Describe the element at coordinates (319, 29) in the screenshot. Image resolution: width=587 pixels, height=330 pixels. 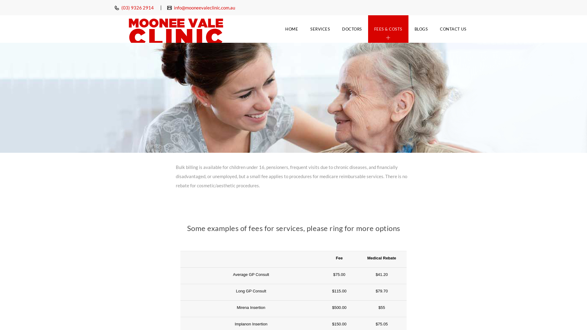
I see `'SERVICES'` at that location.